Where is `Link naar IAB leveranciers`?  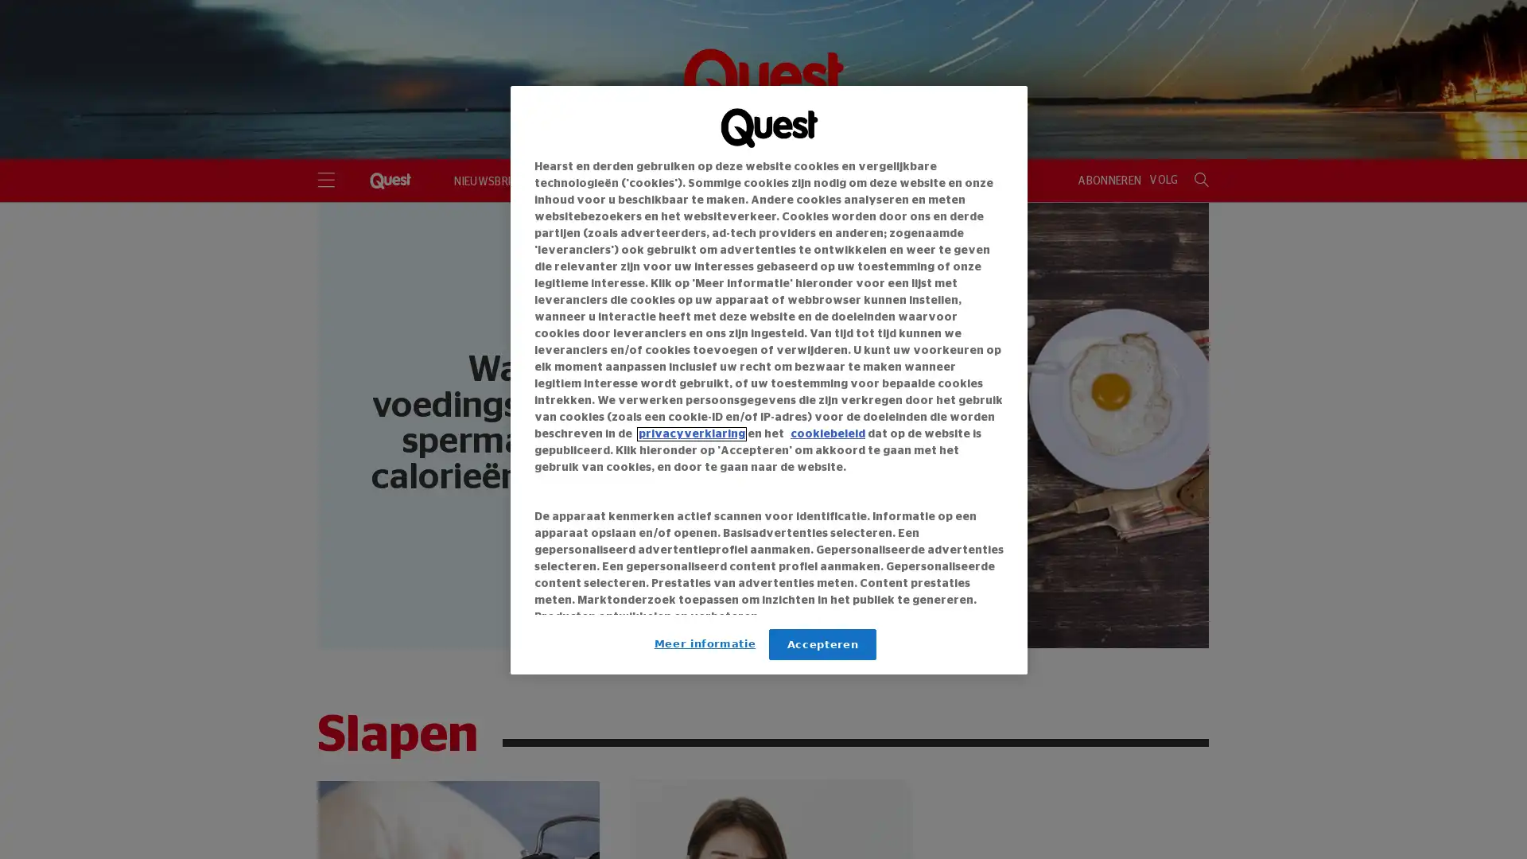 Link naar IAB leveranciers is located at coordinates (610, 635).